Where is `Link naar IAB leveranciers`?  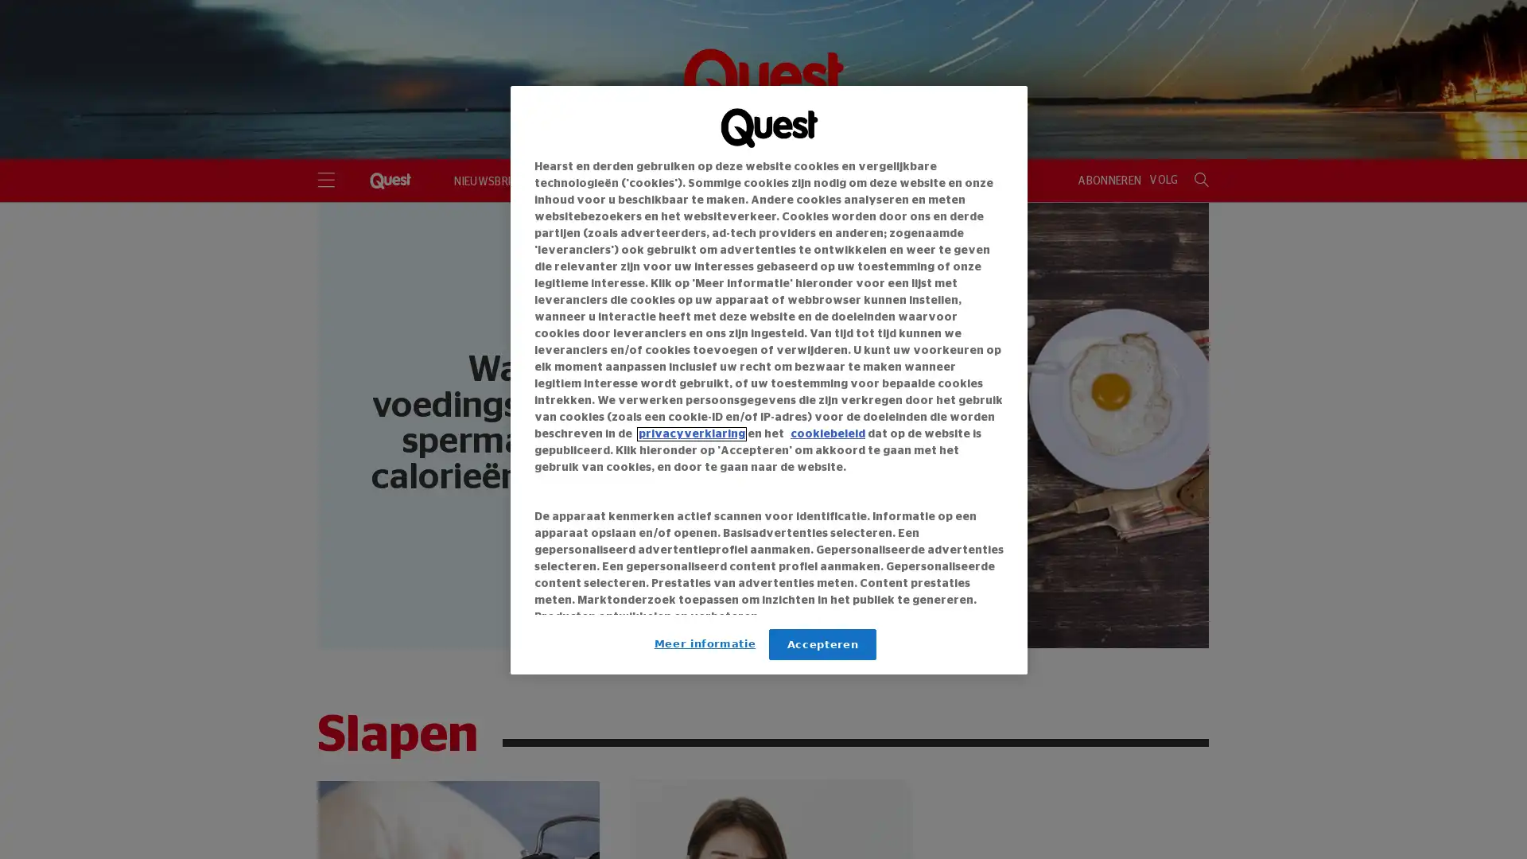 Link naar IAB leveranciers is located at coordinates (610, 635).